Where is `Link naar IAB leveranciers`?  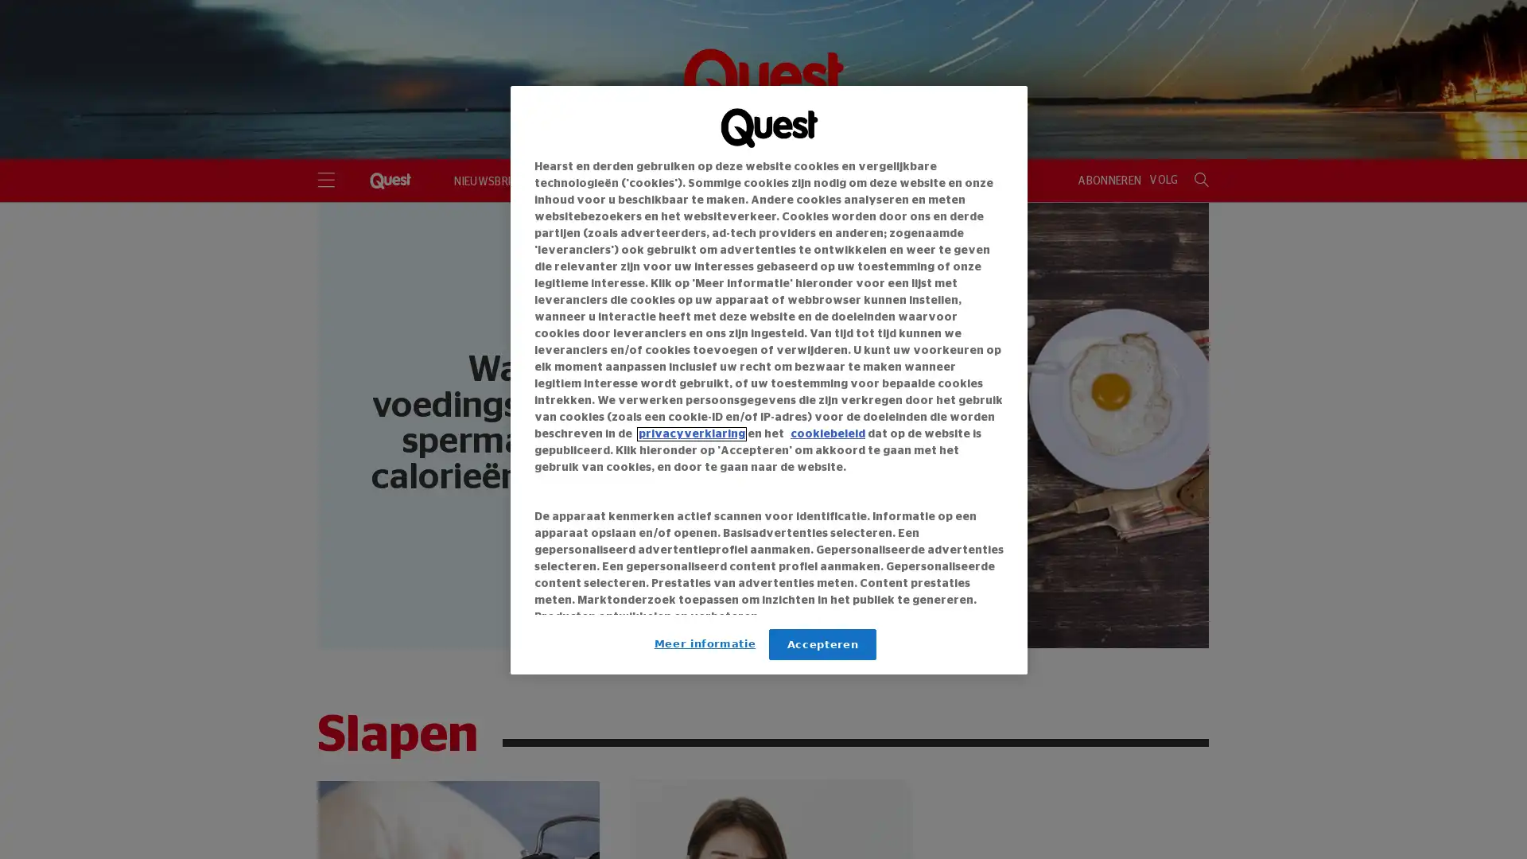 Link naar IAB leveranciers is located at coordinates (610, 635).